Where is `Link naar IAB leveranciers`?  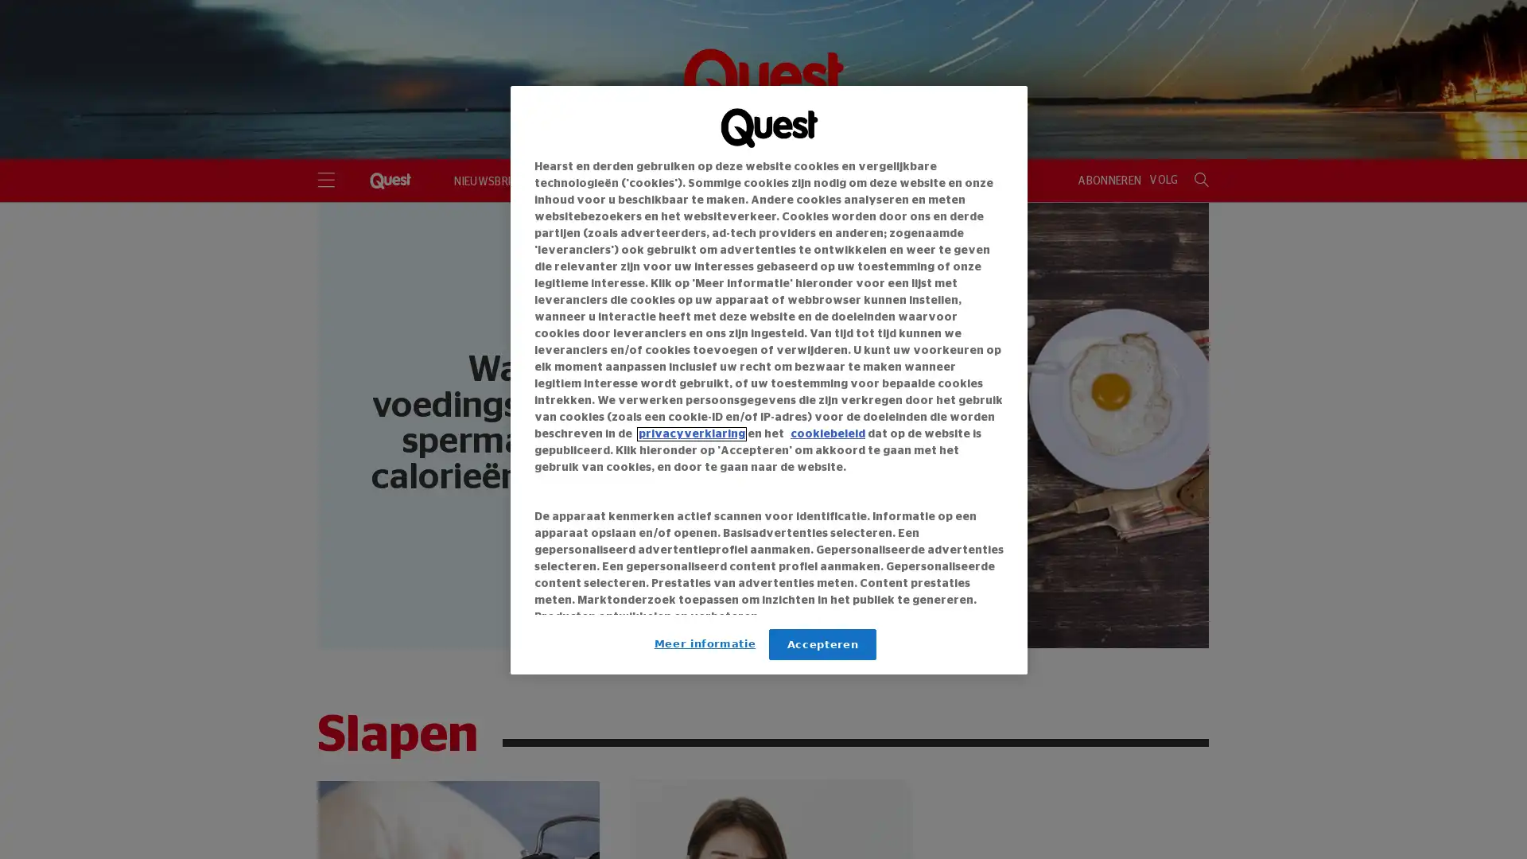 Link naar IAB leveranciers is located at coordinates (610, 635).